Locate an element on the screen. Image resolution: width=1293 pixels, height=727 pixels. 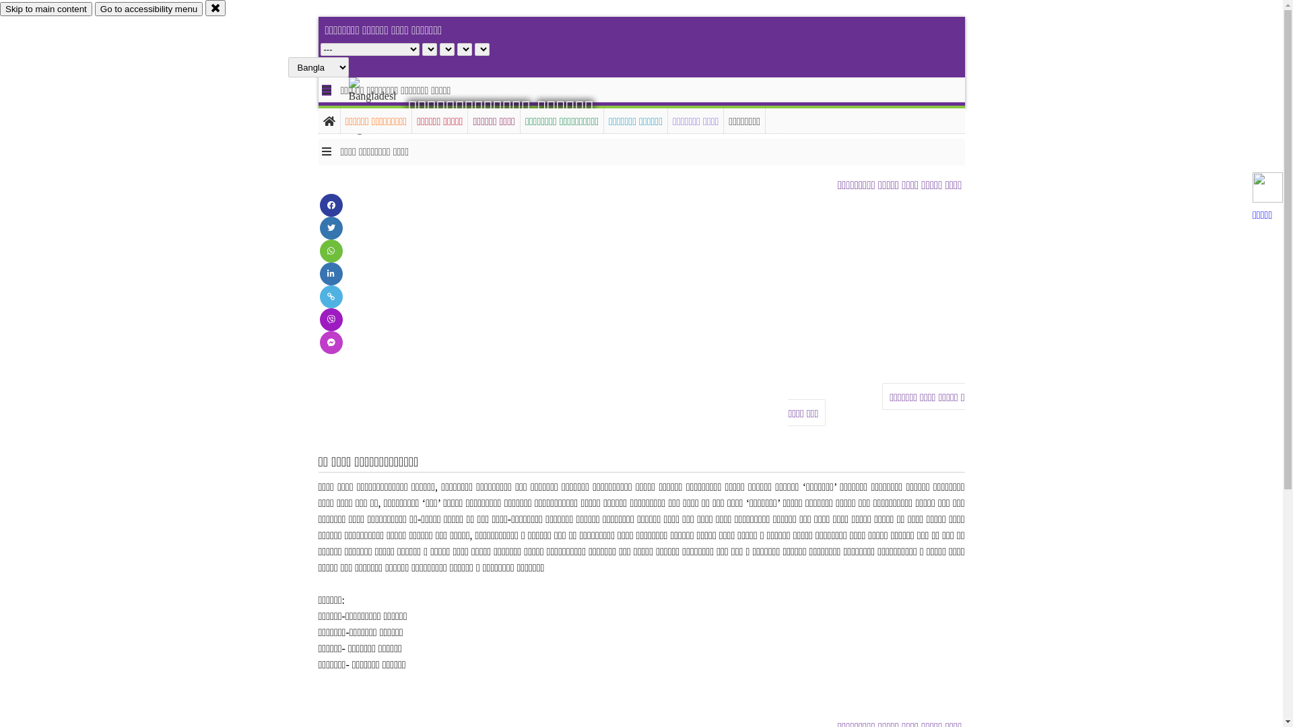
'close' is located at coordinates (215, 7).